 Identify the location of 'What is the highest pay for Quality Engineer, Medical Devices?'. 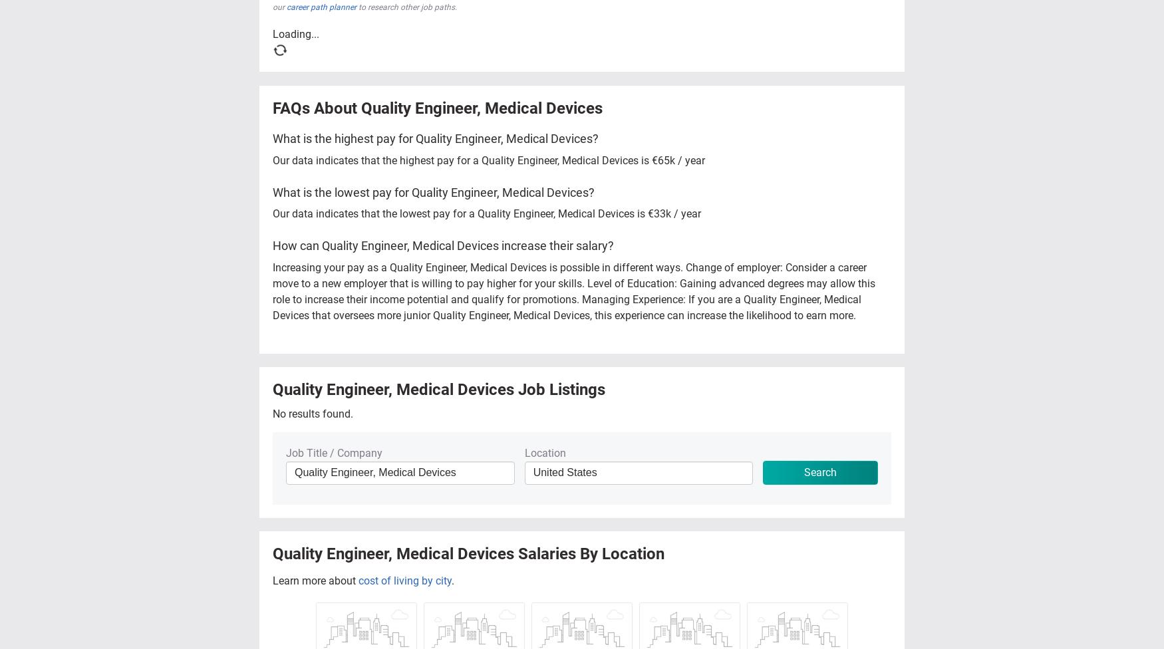
(435, 138).